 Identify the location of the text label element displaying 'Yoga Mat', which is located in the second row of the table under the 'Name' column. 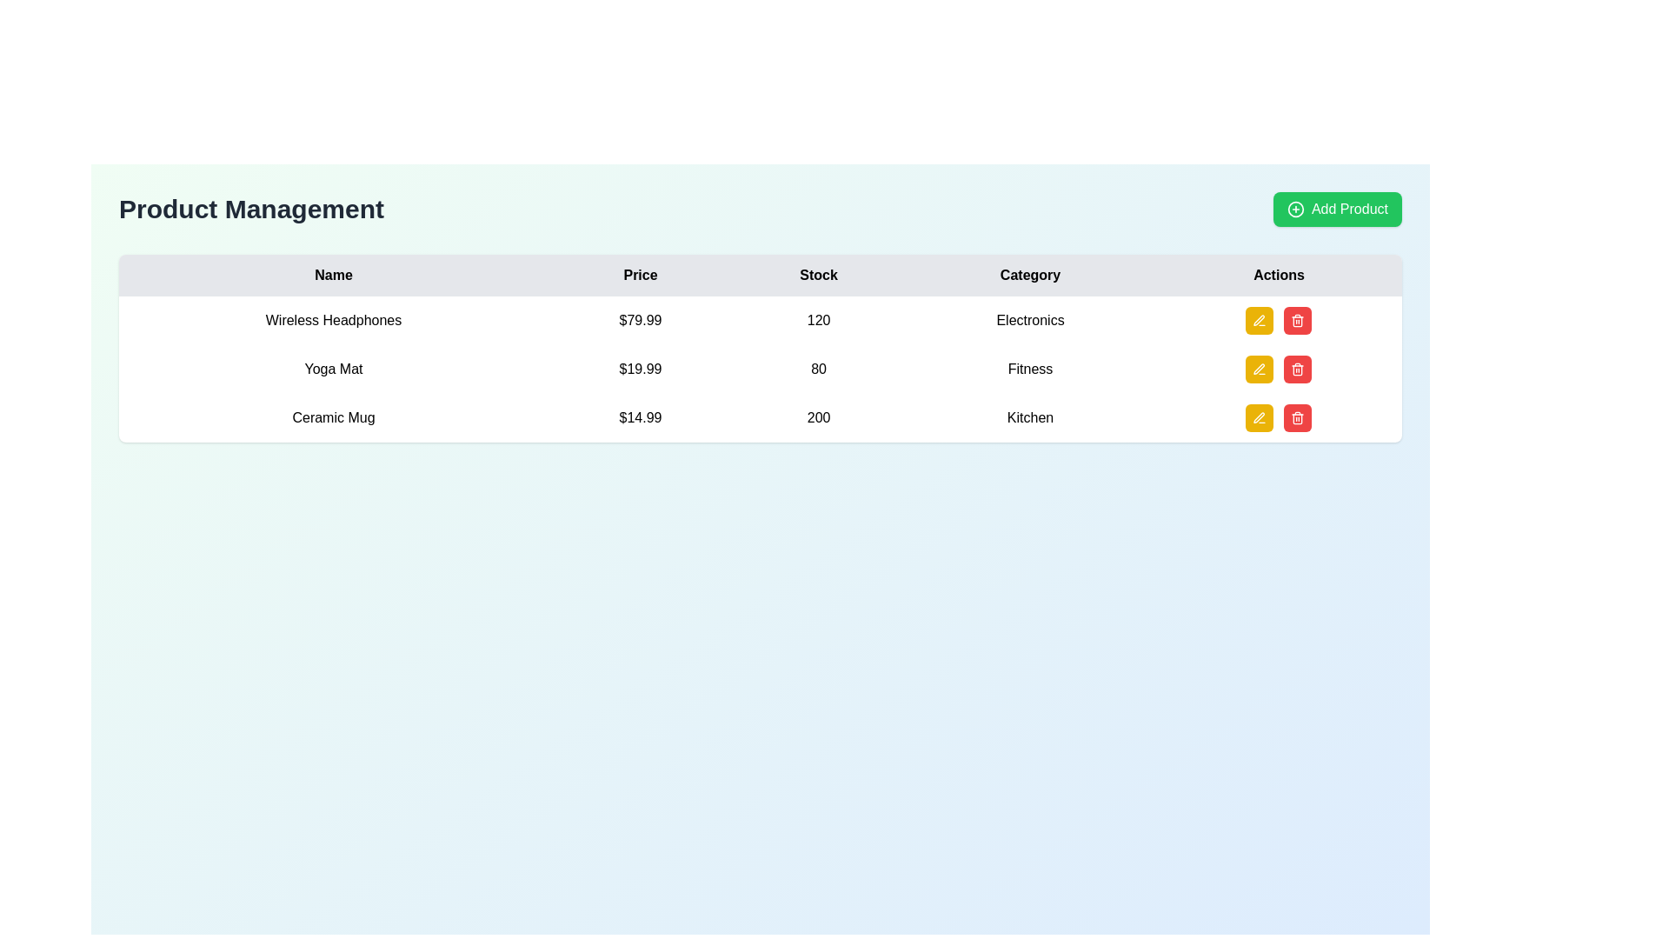
(334, 368).